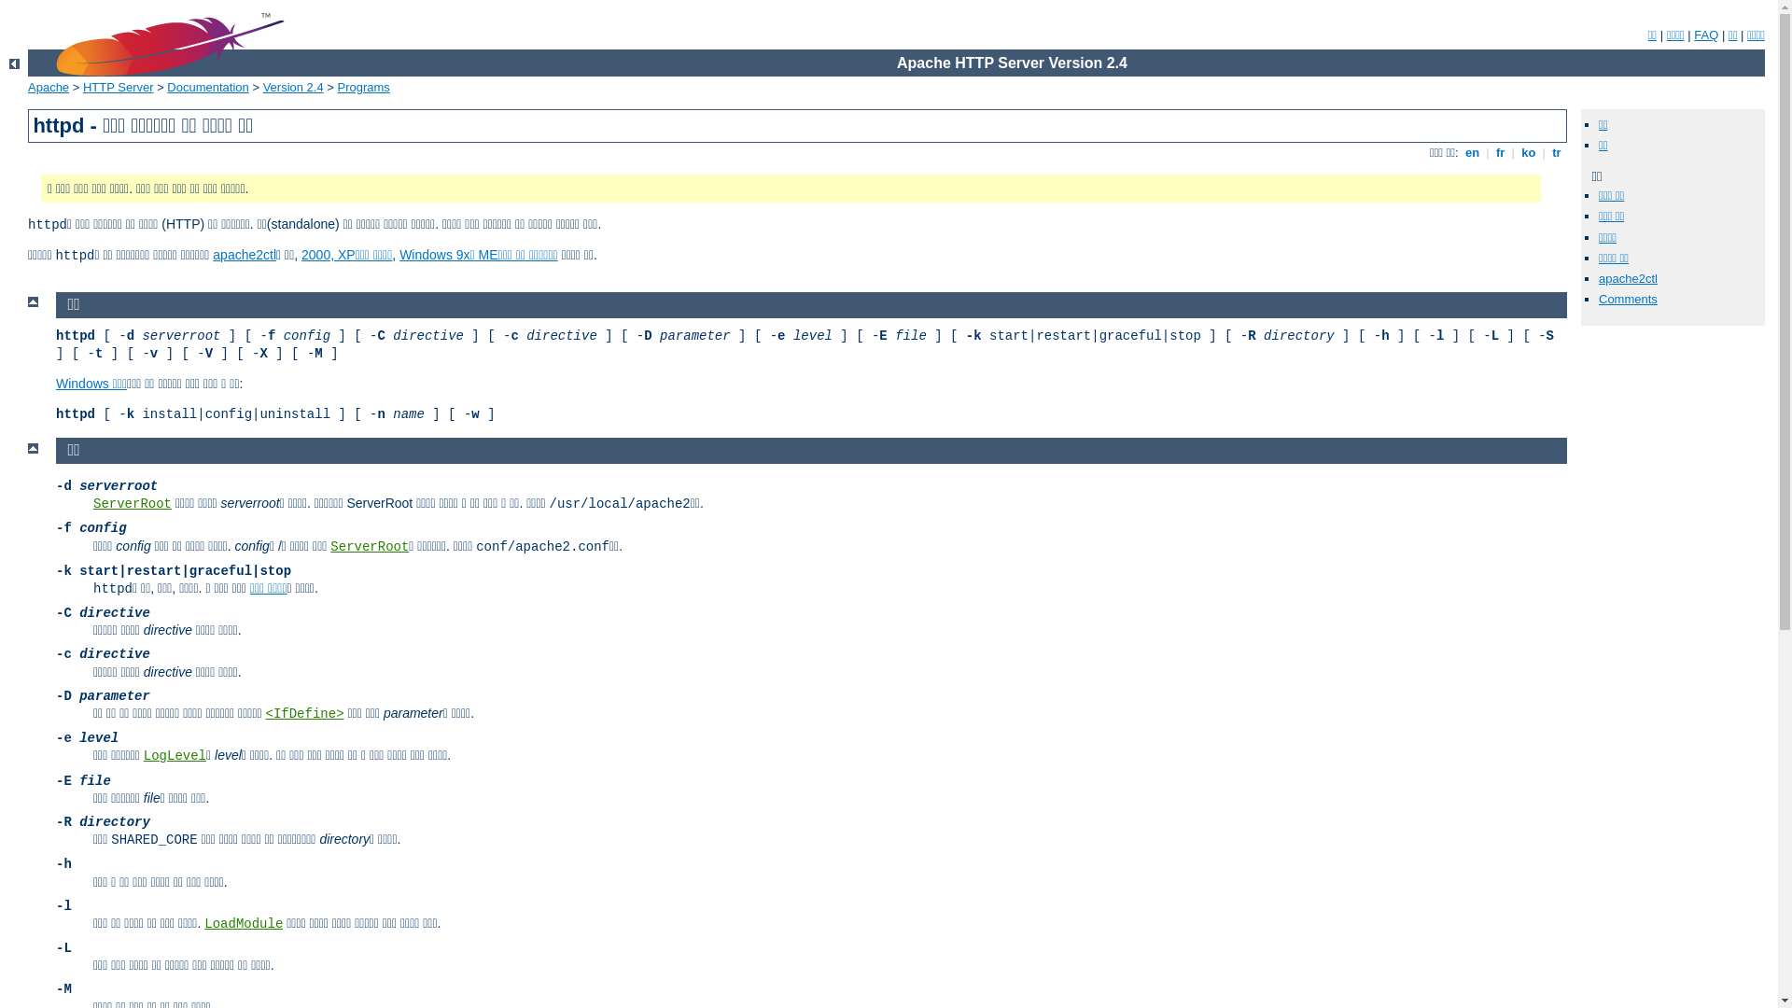 The image size is (1792, 1008). What do you see at coordinates (1706, 35) in the screenshot?
I see `'FAQ'` at bounding box center [1706, 35].